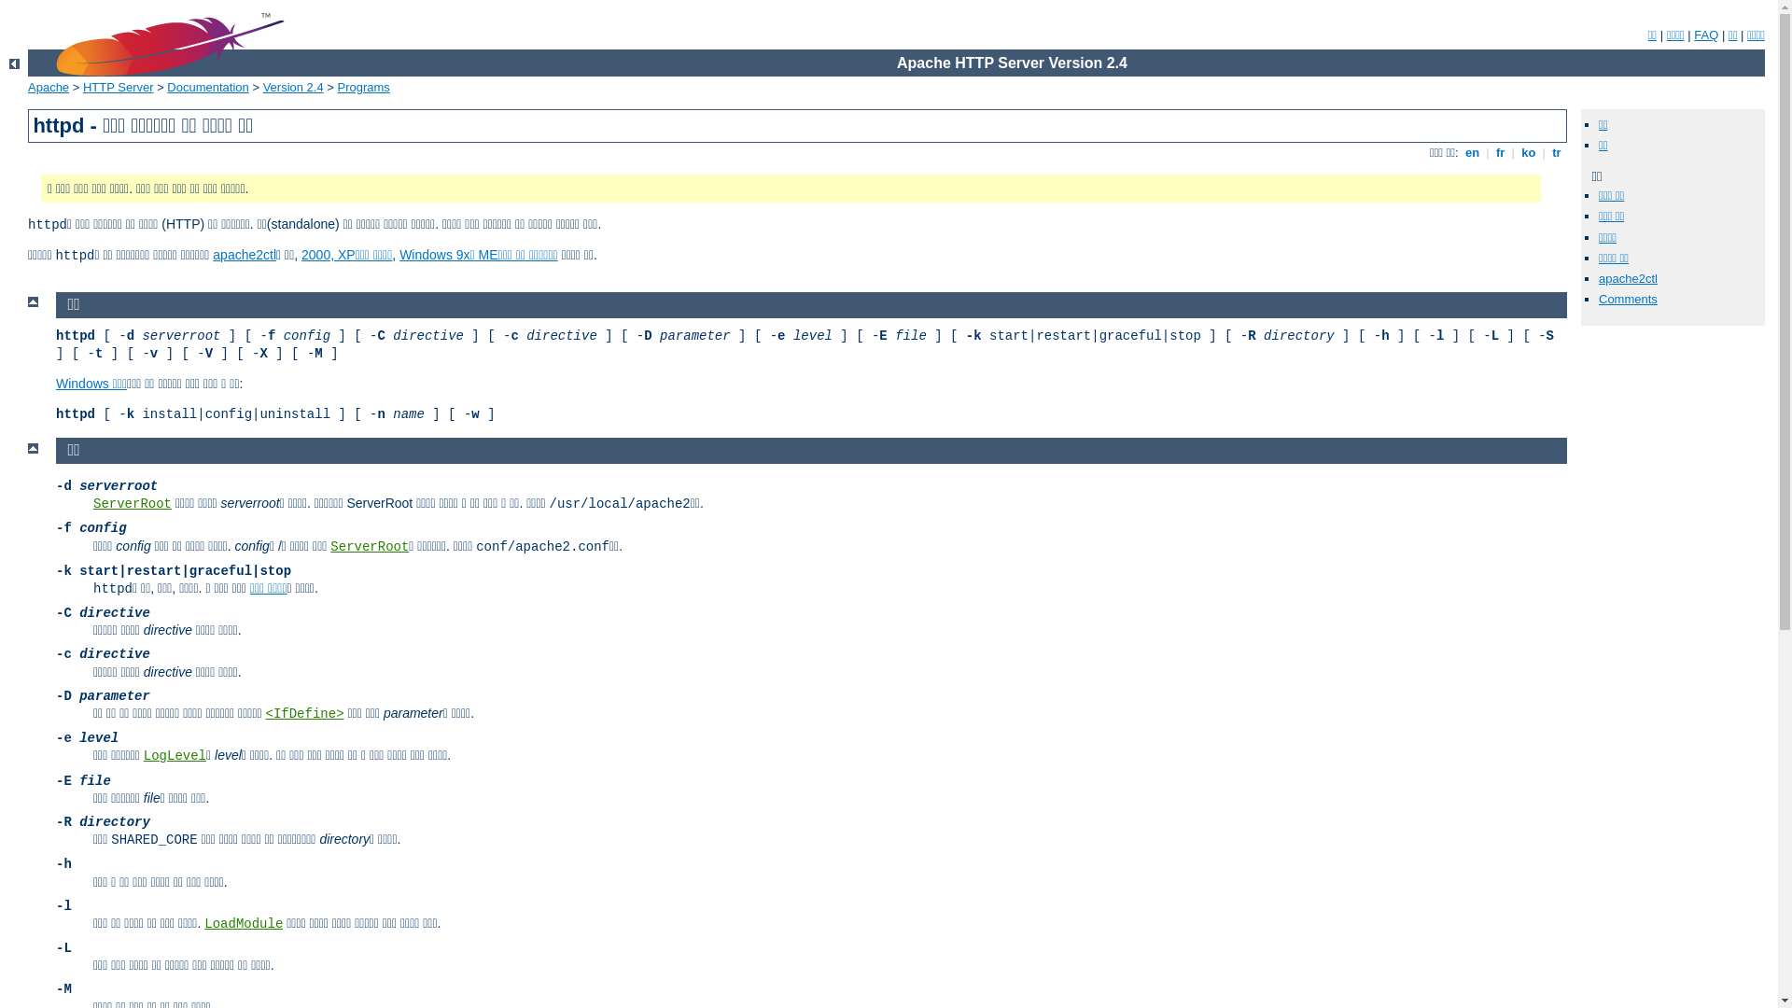 The image size is (1792, 1008). What do you see at coordinates (1706, 35) in the screenshot?
I see `'FAQ'` at bounding box center [1706, 35].